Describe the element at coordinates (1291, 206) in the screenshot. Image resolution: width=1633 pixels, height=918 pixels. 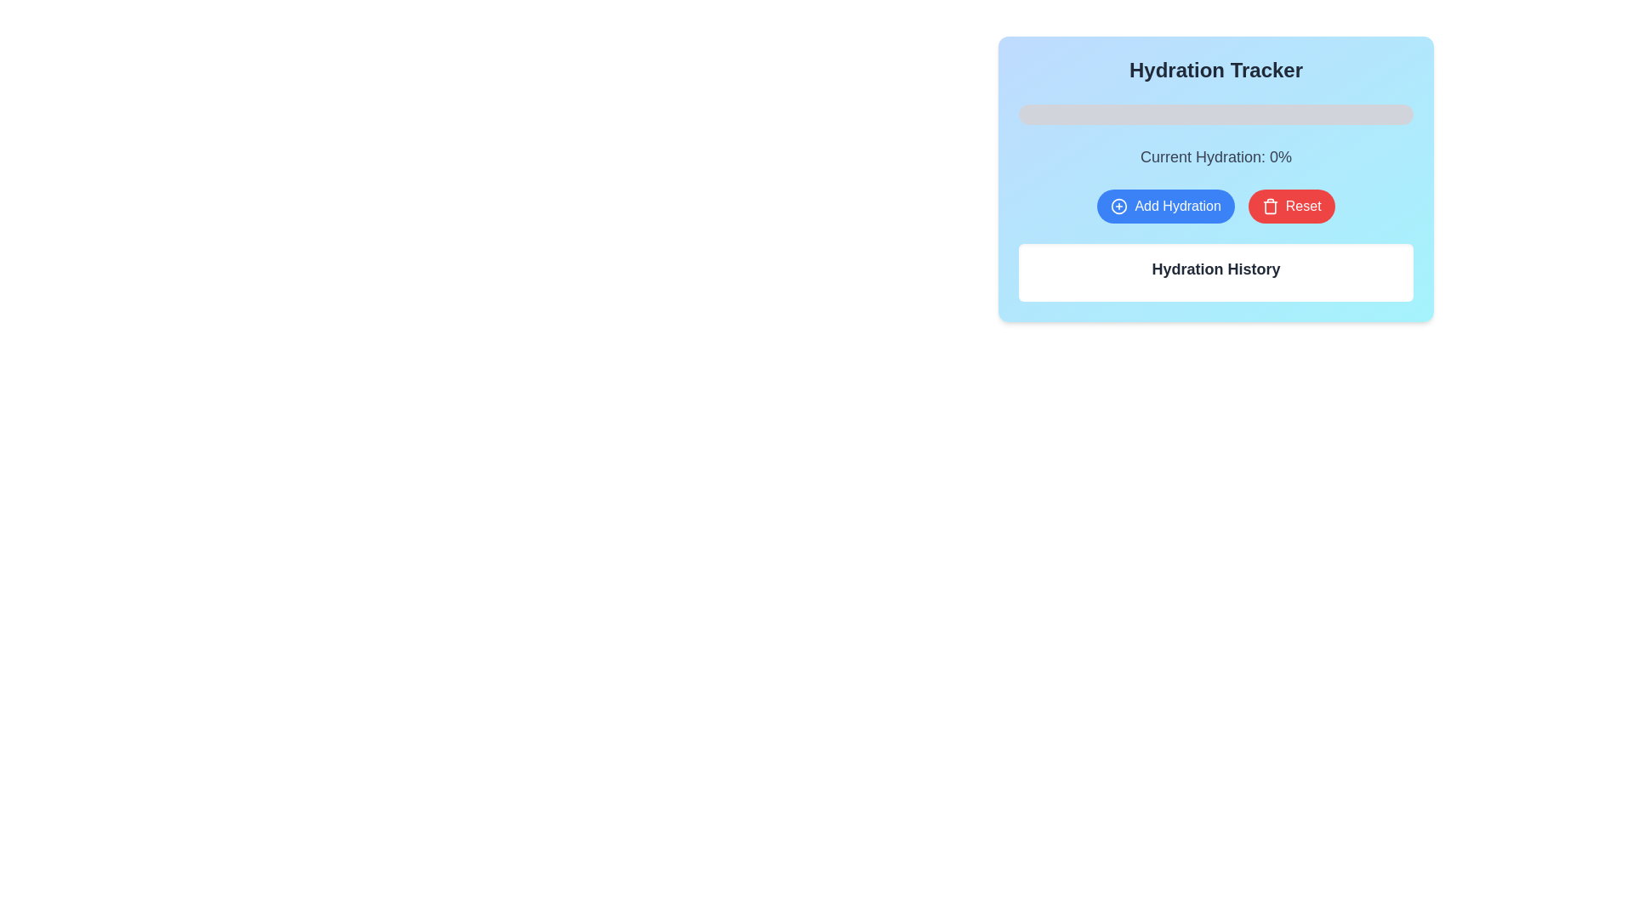
I see `the red 'Reset' button with rounded corners, which has a white trash bin icon on its left side, to reset hydration` at that location.